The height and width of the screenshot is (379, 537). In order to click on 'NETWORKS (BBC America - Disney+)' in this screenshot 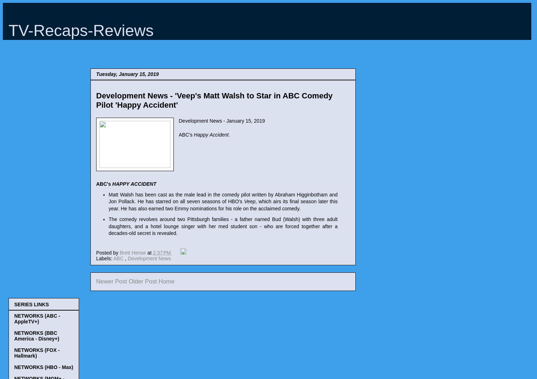, I will do `click(14, 335)`.